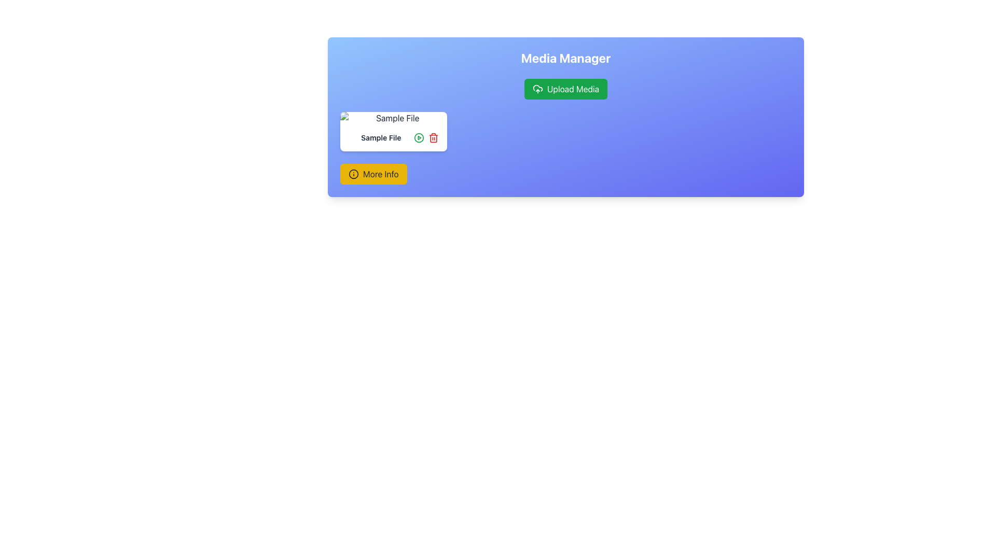 Image resolution: width=996 pixels, height=560 pixels. What do you see at coordinates (433, 137) in the screenshot?
I see `the red trash bin icon located to the right of the green play button in the action group under the file representation to observe the scaling effect` at bounding box center [433, 137].